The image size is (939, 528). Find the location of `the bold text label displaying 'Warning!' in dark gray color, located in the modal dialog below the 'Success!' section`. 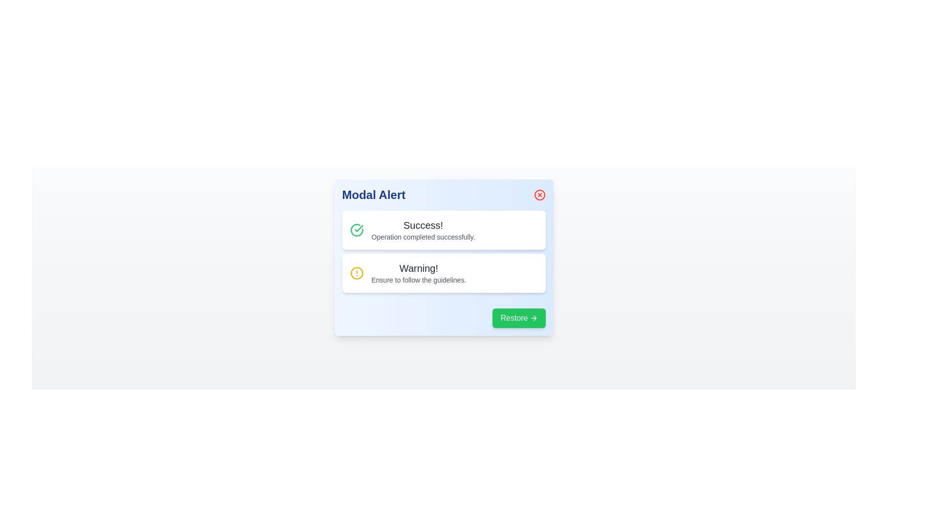

the bold text label displaying 'Warning!' in dark gray color, located in the modal dialog below the 'Success!' section is located at coordinates (419, 268).